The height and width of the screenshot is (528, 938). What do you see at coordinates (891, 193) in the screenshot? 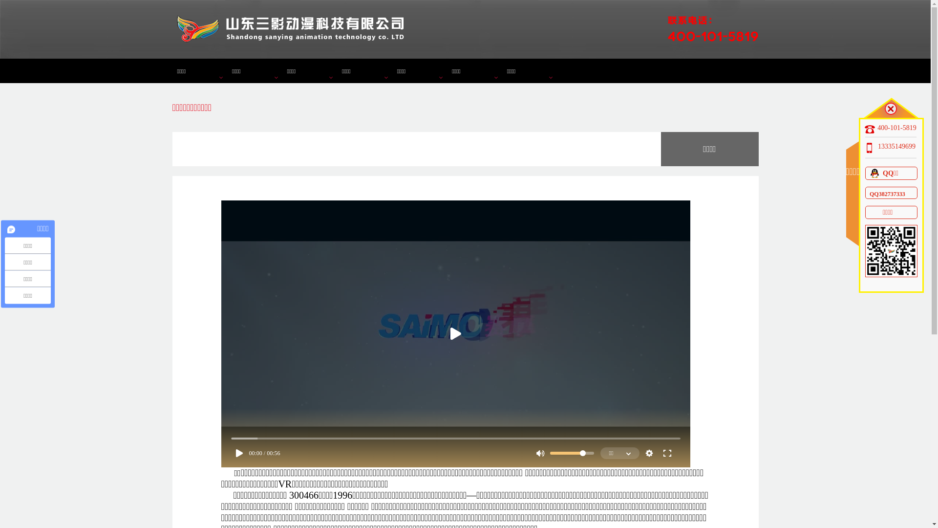
I see `'QQ382737333'` at bounding box center [891, 193].